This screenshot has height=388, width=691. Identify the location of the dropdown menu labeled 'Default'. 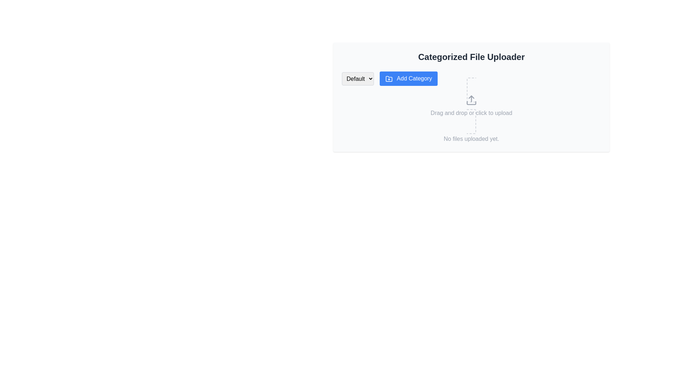
(358, 79).